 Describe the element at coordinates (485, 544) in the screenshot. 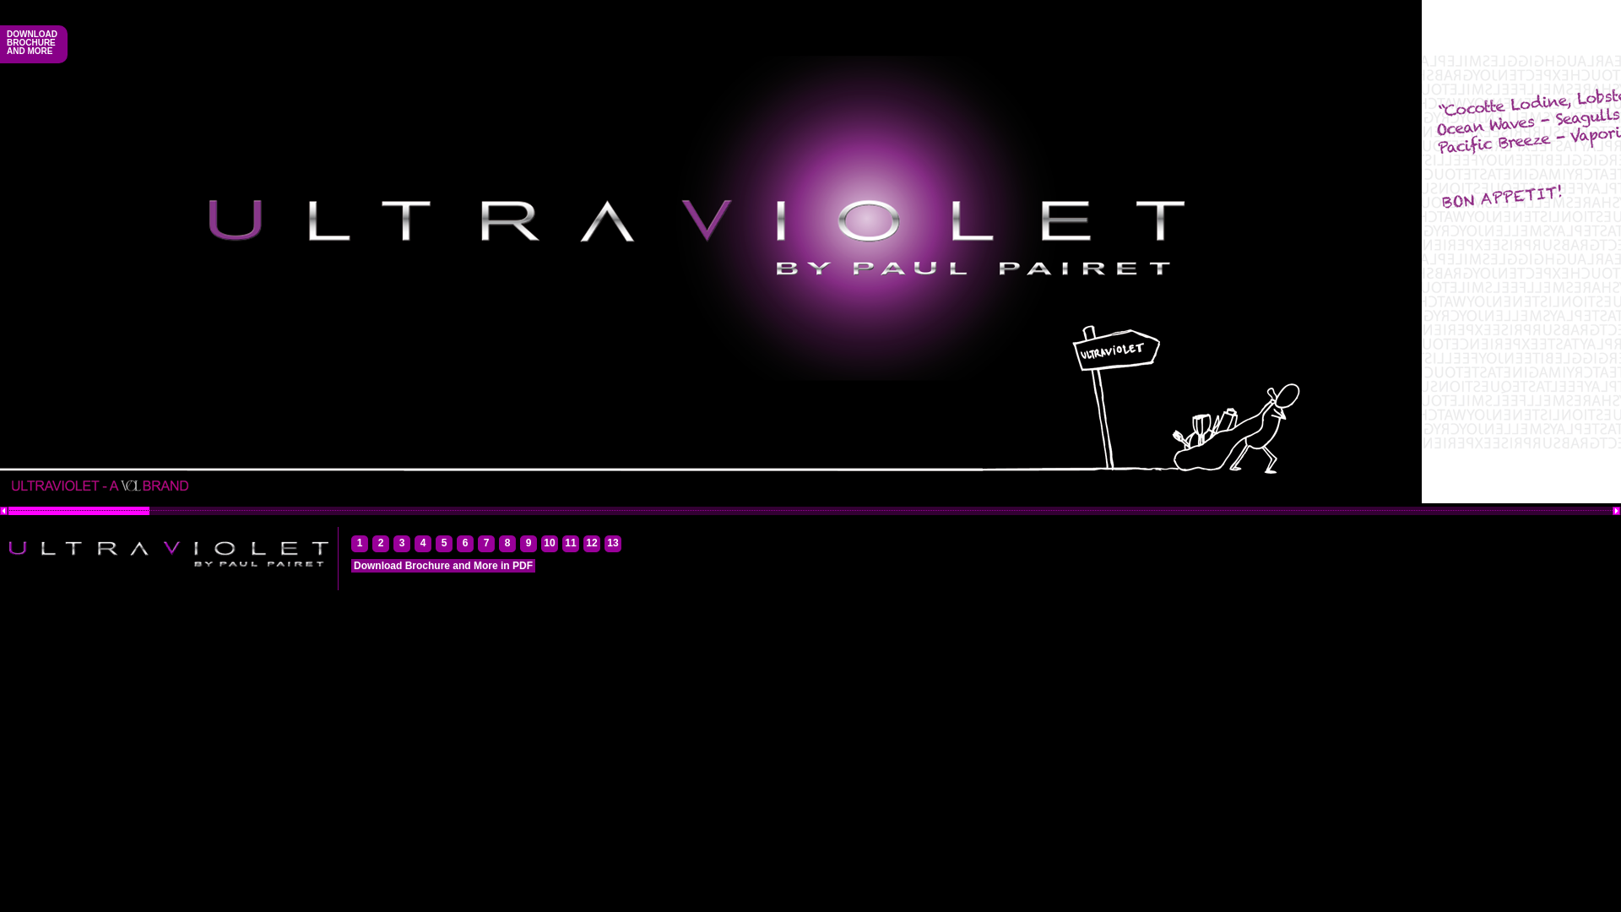

I see `'7'` at that location.